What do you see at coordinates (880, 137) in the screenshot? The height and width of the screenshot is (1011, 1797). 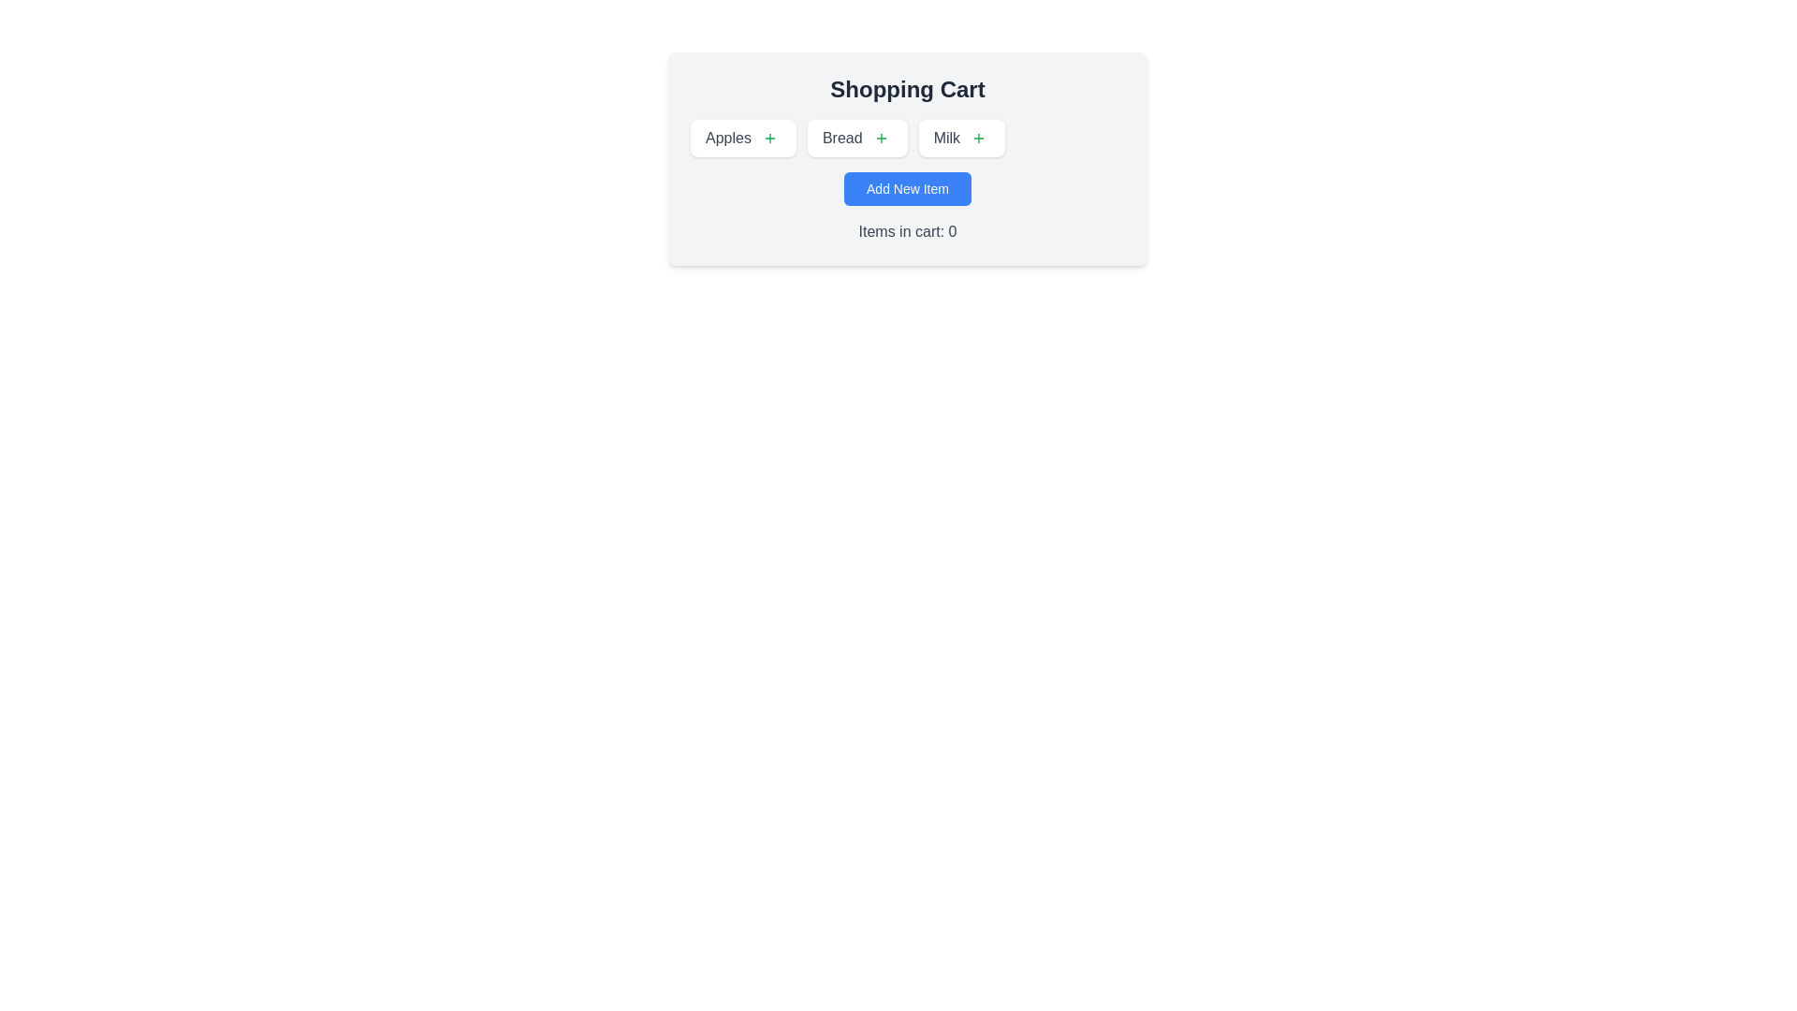 I see `the '+' button next to Bread to increment the cart count` at bounding box center [880, 137].